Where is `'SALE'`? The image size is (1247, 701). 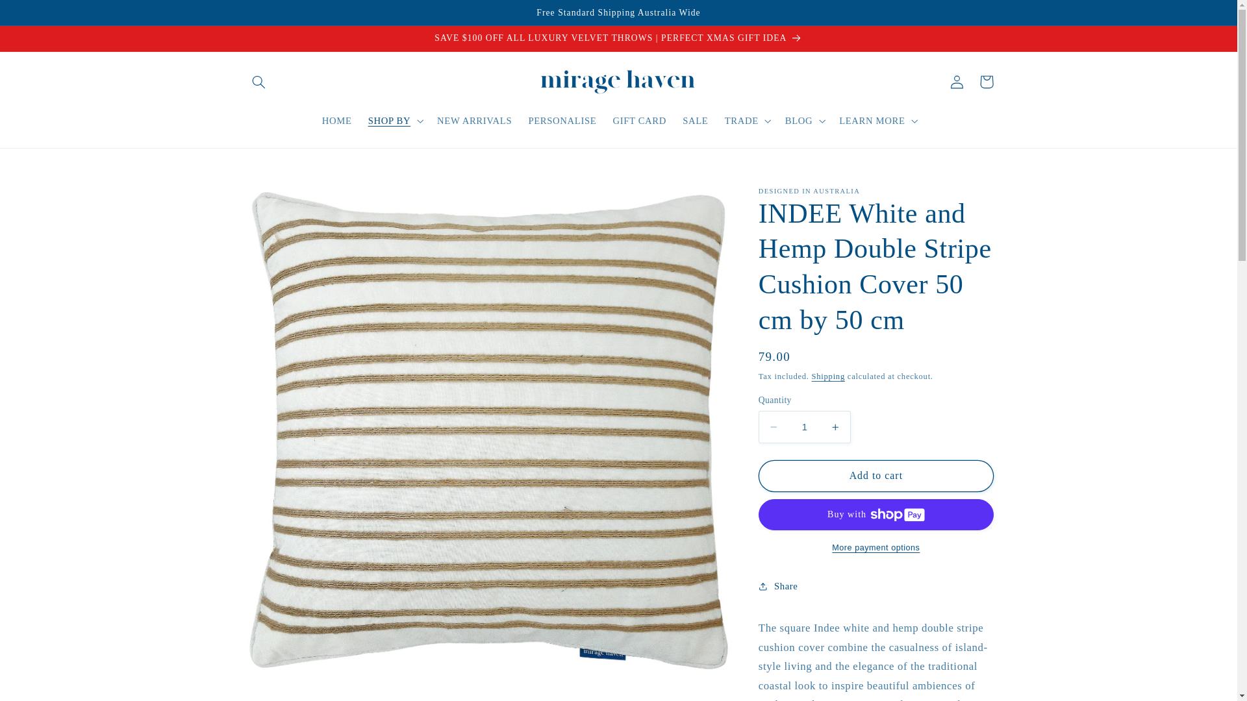
'SALE' is located at coordinates (674, 120).